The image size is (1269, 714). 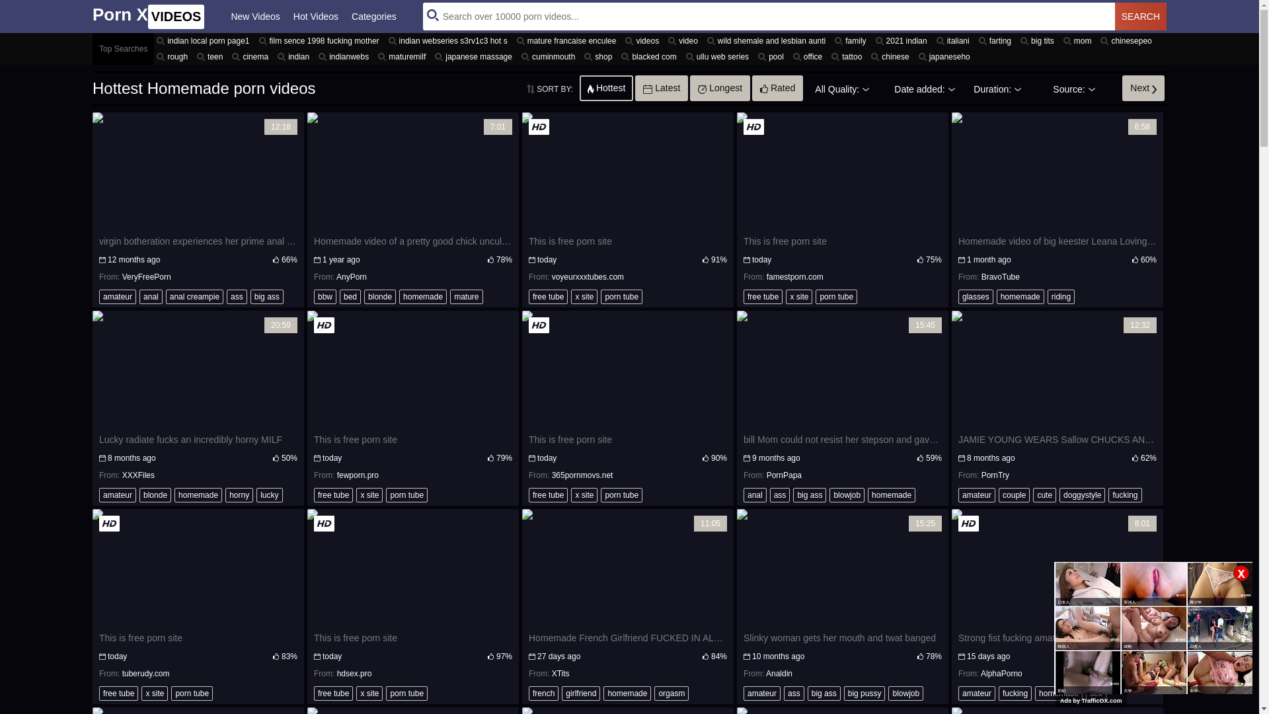 What do you see at coordinates (1091, 700) in the screenshot?
I see `'Ads by TrafficOX.com'` at bounding box center [1091, 700].